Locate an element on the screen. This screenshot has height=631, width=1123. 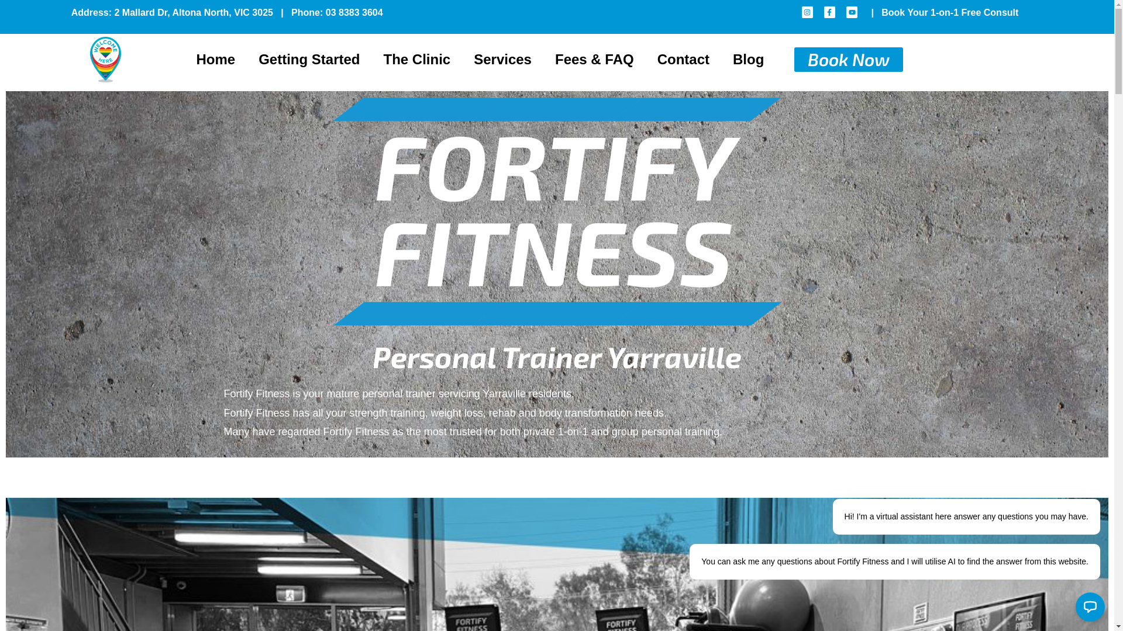
'Phone: 03 8383 3604' is located at coordinates (291, 12).